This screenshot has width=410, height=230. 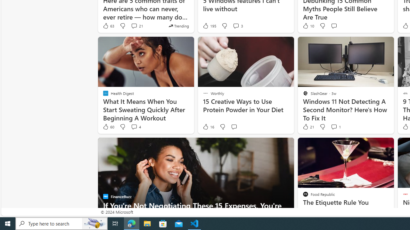 What do you see at coordinates (108, 26) in the screenshot?
I see `'63 Like'` at bounding box center [108, 26].